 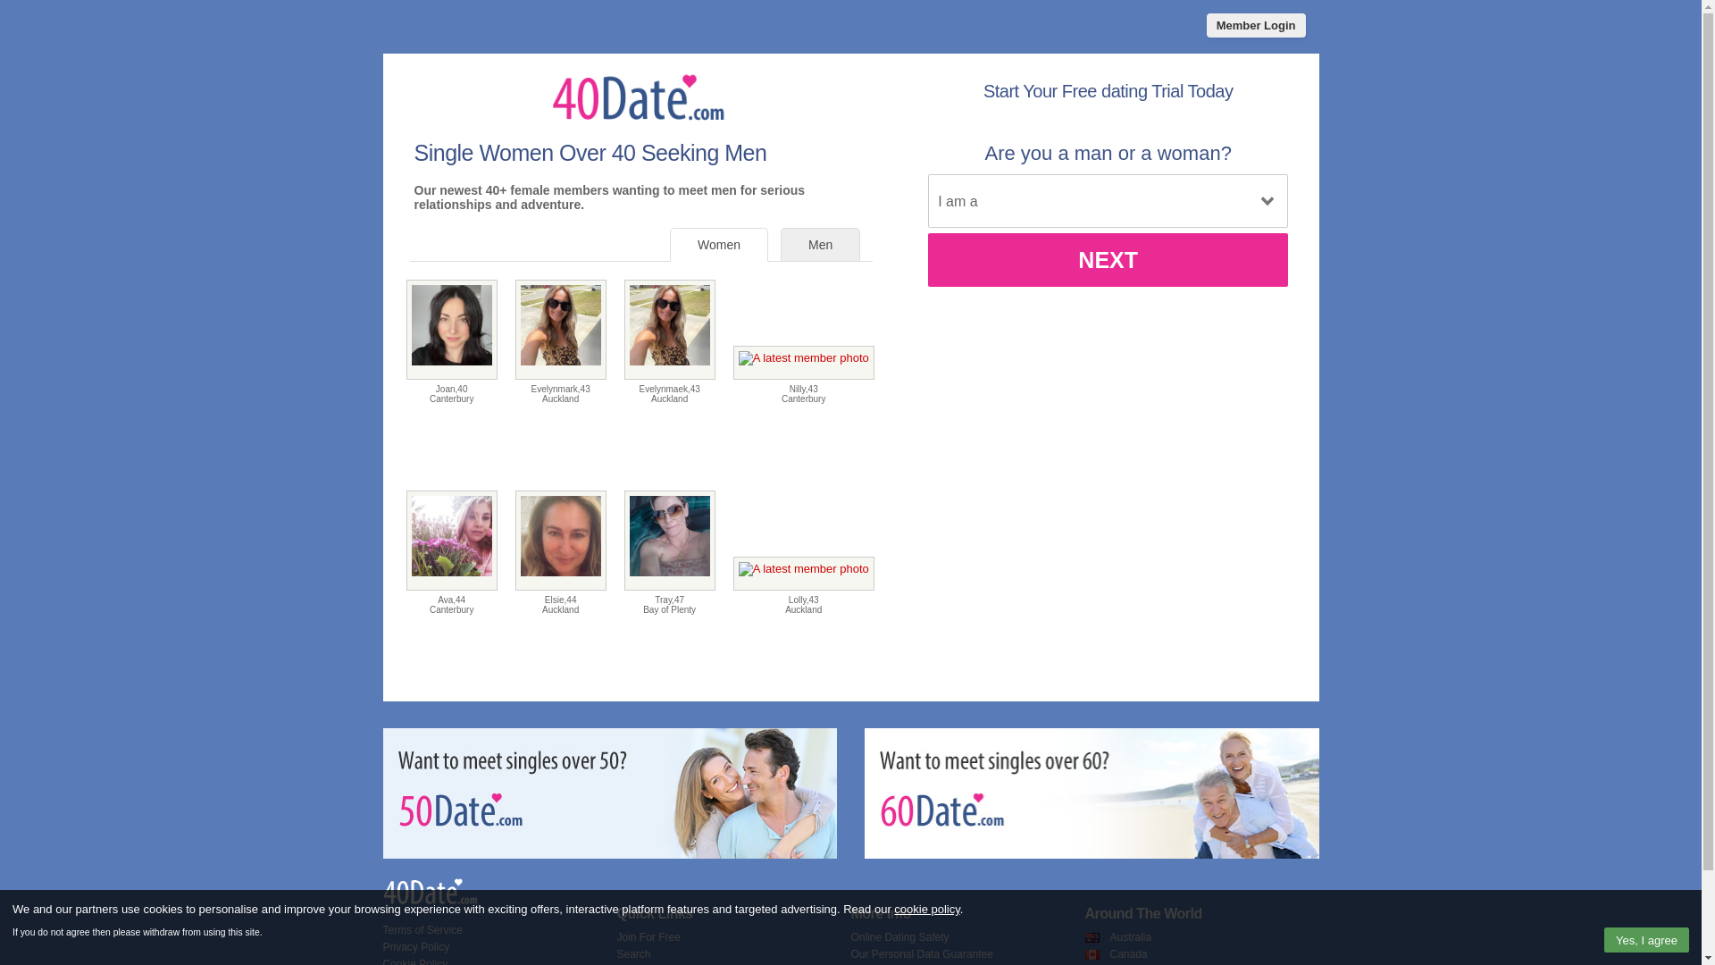 I want to click on 'Women', so click(x=719, y=244).